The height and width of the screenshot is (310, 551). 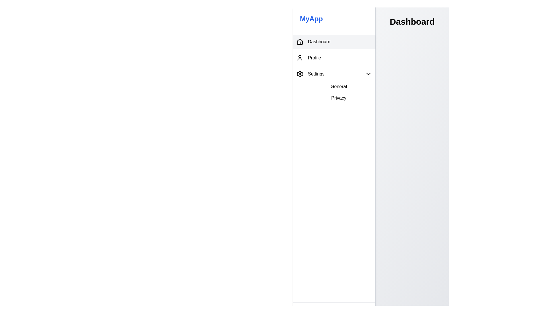 I want to click on the 'Dashboard' text label element, which is prominently styled in bold with a large font-size, located in the top-right region of the interface, so click(x=412, y=22).